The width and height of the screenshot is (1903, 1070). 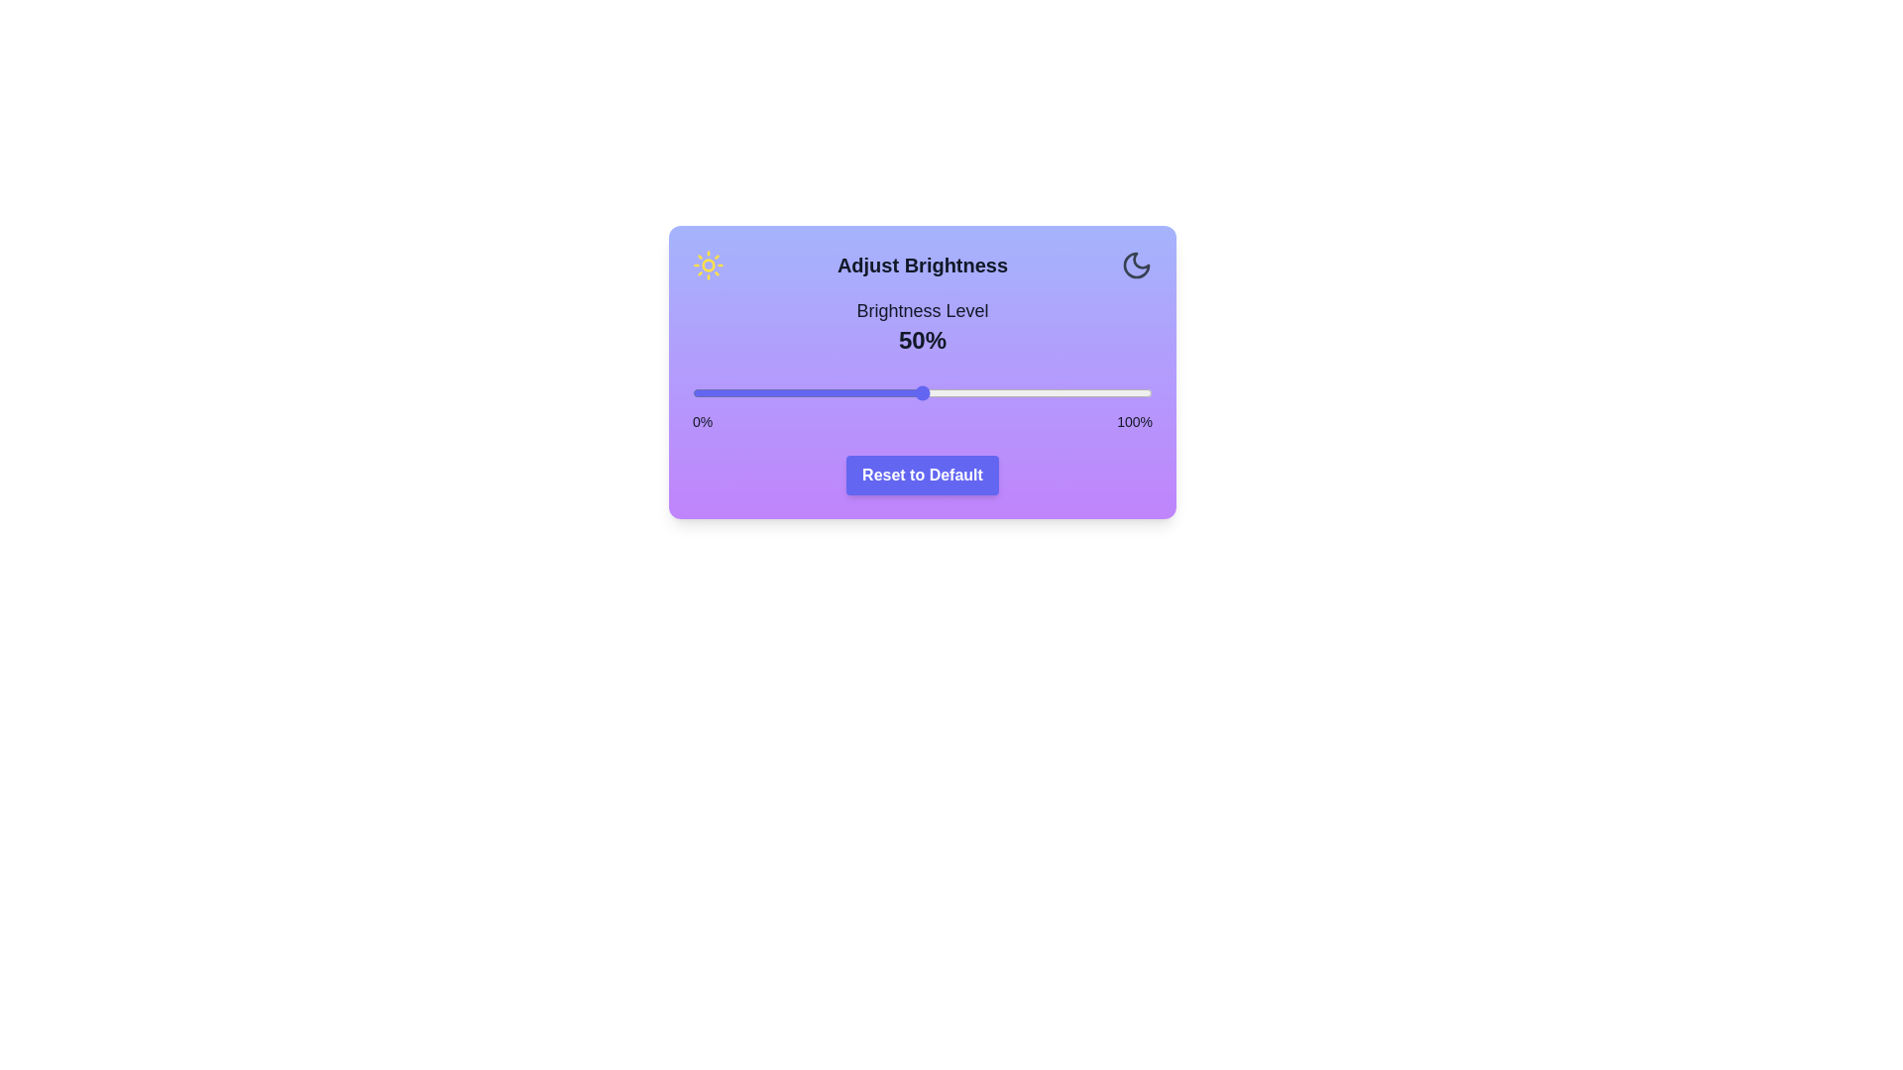 I want to click on the brightness to 94% by moving the slider, so click(x=1125, y=393).